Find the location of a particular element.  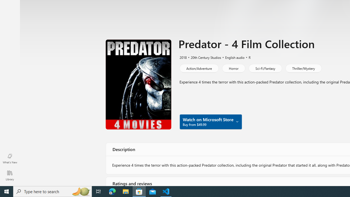

'Horror' is located at coordinates (234, 68).